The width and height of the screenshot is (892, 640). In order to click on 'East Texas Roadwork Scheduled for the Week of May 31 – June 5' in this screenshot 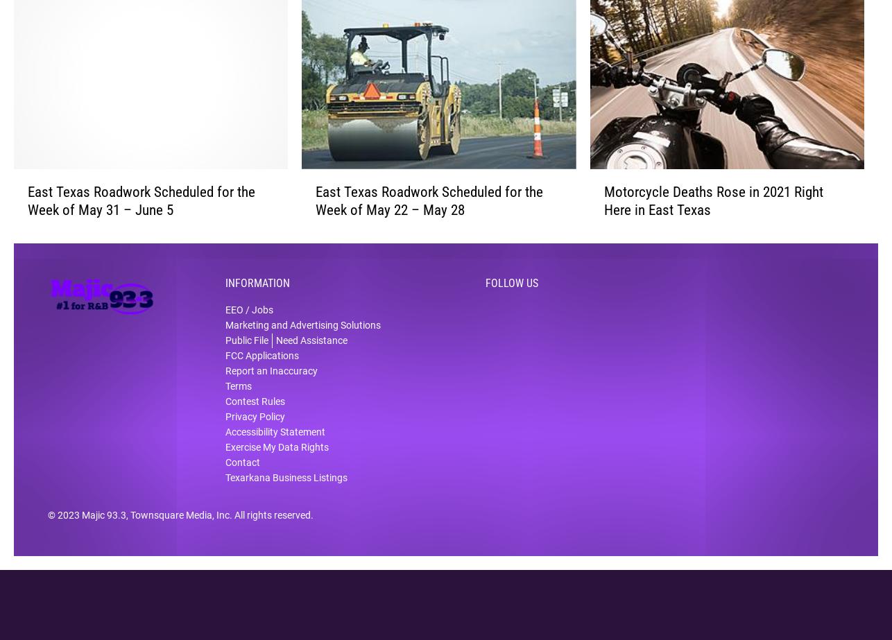, I will do `click(141, 210)`.